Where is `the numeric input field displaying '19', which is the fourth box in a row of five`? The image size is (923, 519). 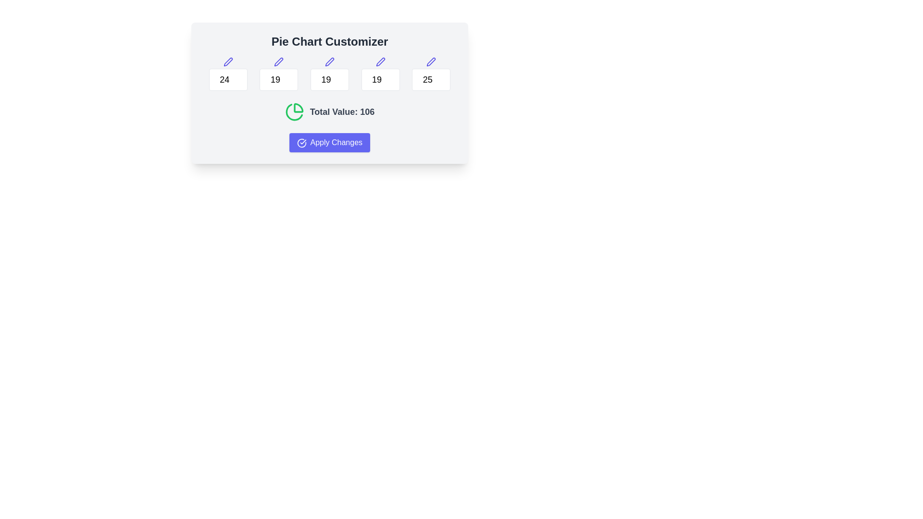 the numeric input field displaying '19', which is the fourth box in a row of five is located at coordinates (380, 79).